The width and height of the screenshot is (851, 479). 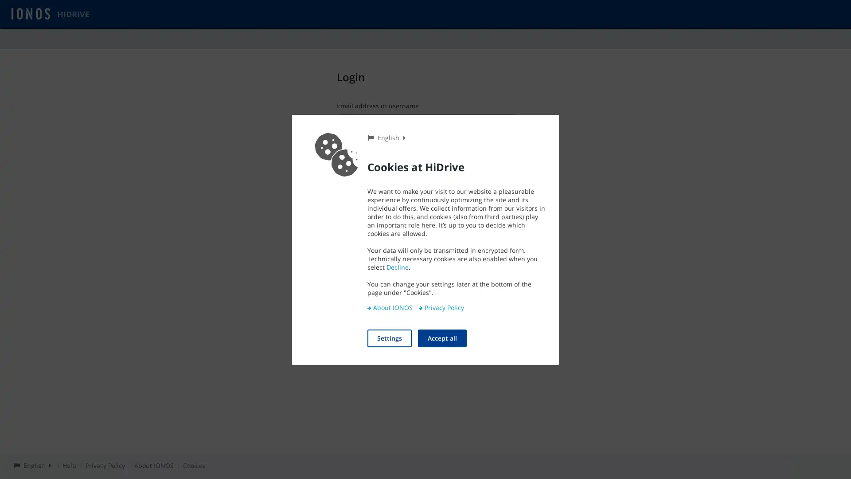 What do you see at coordinates (389, 338) in the screenshot?
I see `Settings` at bounding box center [389, 338].